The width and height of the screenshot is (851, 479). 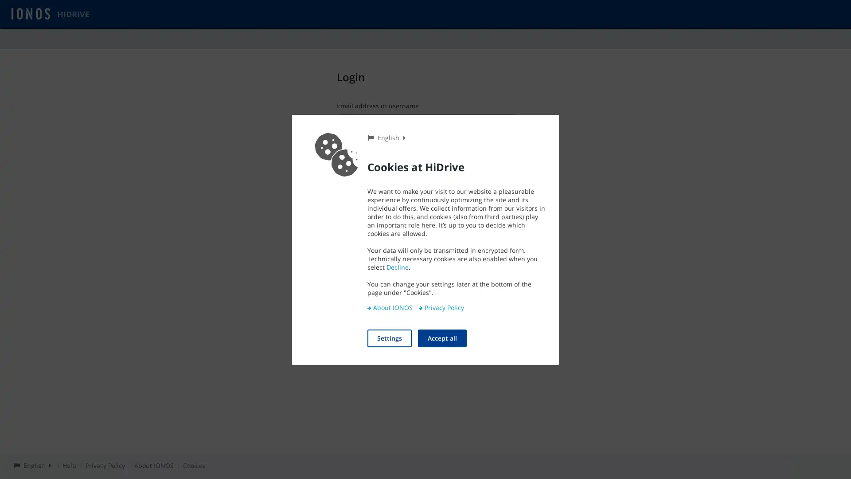 What do you see at coordinates (389, 338) in the screenshot?
I see `Settings` at bounding box center [389, 338].